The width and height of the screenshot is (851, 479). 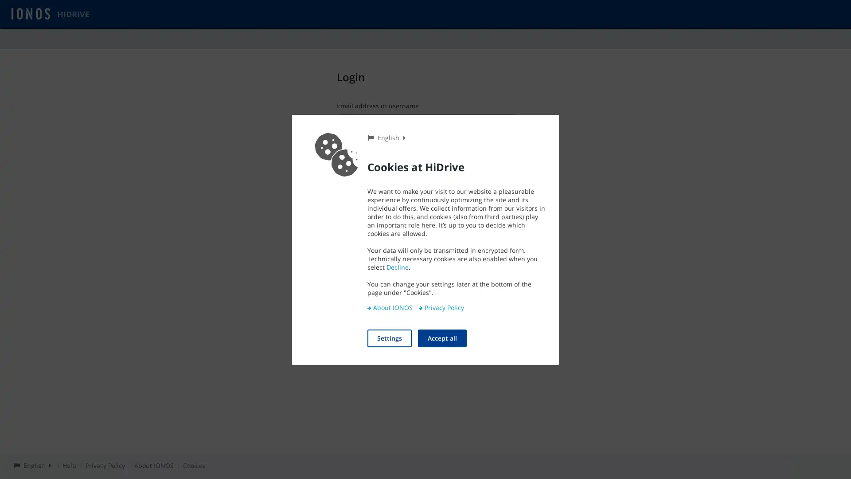 What do you see at coordinates (389, 338) in the screenshot?
I see `Settings` at bounding box center [389, 338].